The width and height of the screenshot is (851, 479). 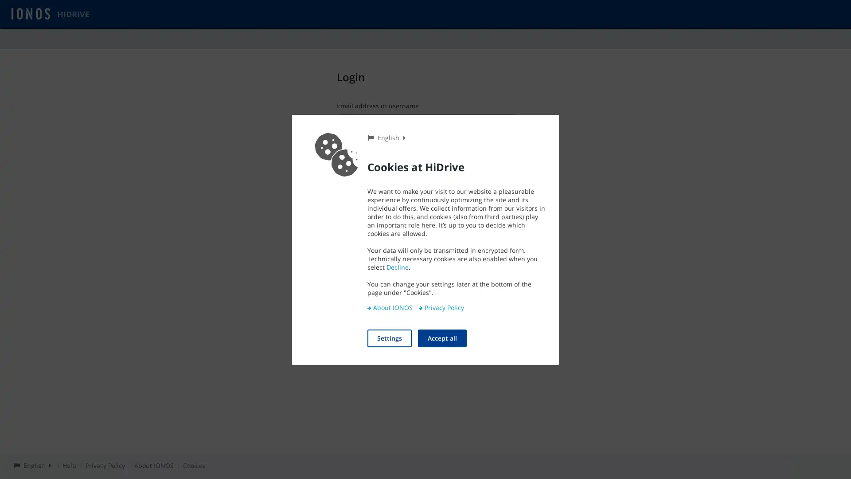 What do you see at coordinates (389, 338) in the screenshot?
I see `Settings` at bounding box center [389, 338].